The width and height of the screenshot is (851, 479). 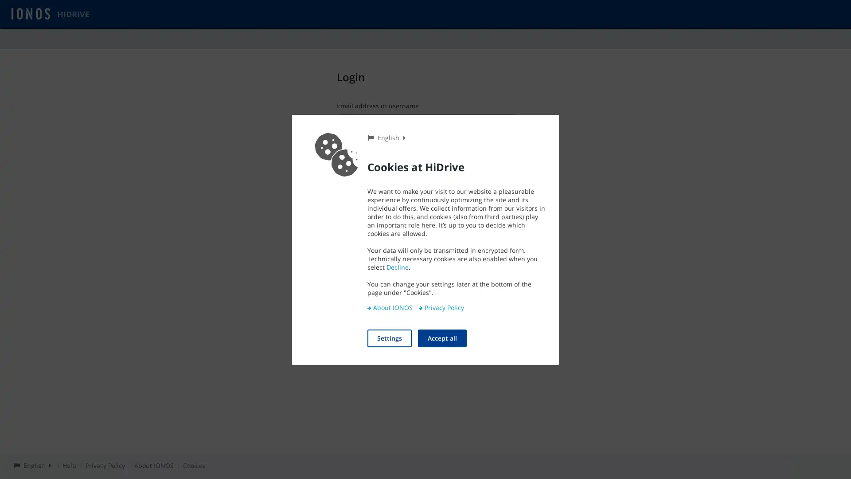 What do you see at coordinates (389, 338) in the screenshot?
I see `Settings` at bounding box center [389, 338].